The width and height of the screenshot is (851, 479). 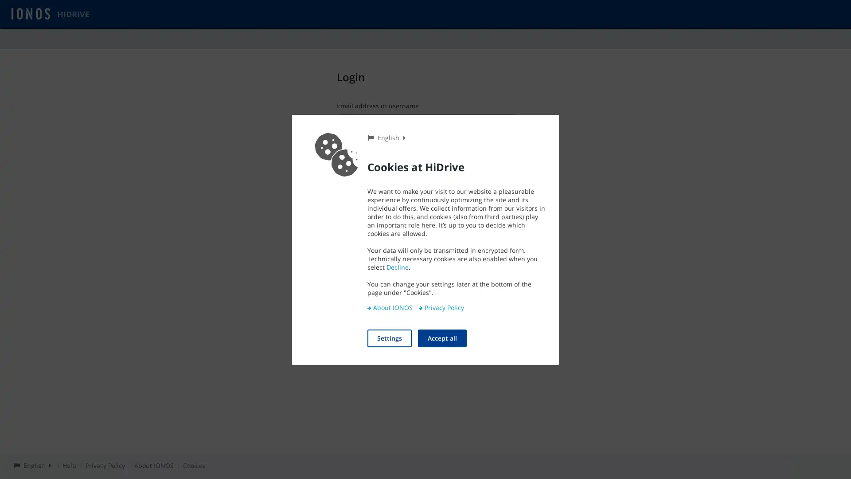 What do you see at coordinates (389, 338) in the screenshot?
I see `Settings` at bounding box center [389, 338].